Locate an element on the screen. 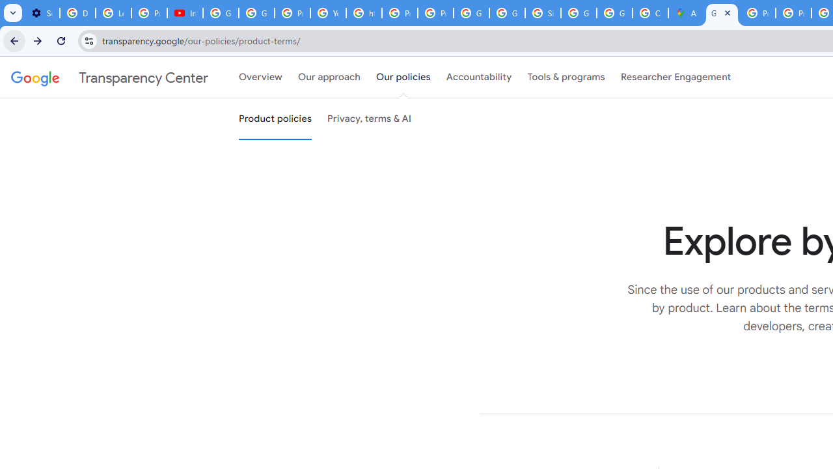 The height and width of the screenshot is (469, 833). 'Transparency Center' is located at coordinates (109, 78).